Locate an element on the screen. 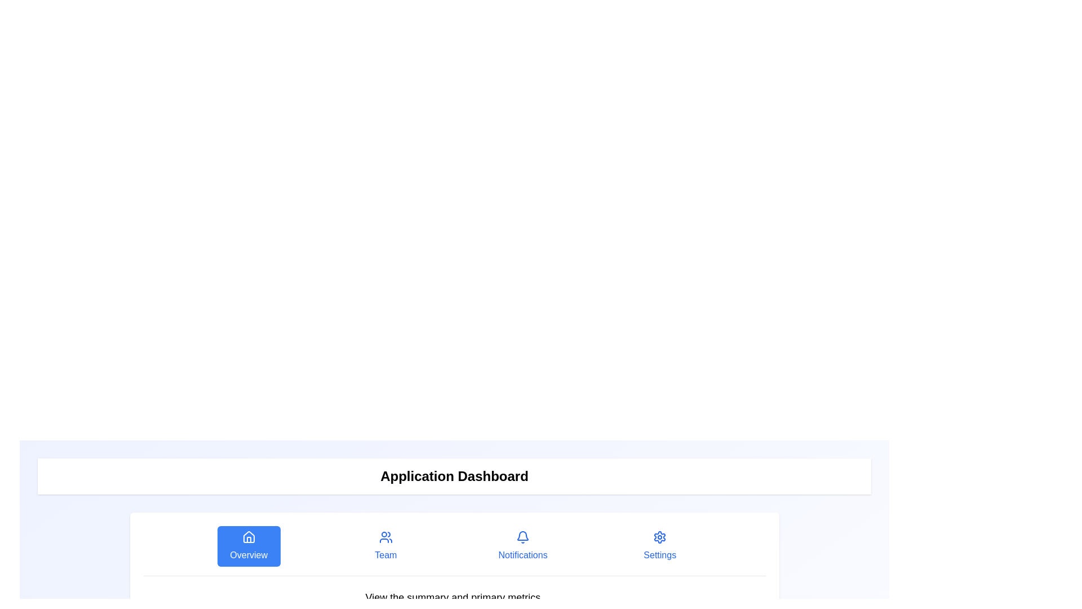  the fourth navigation button in the horizontal menu bar at the bottom of the dashboard to trigger a background color change is located at coordinates (660, 545).